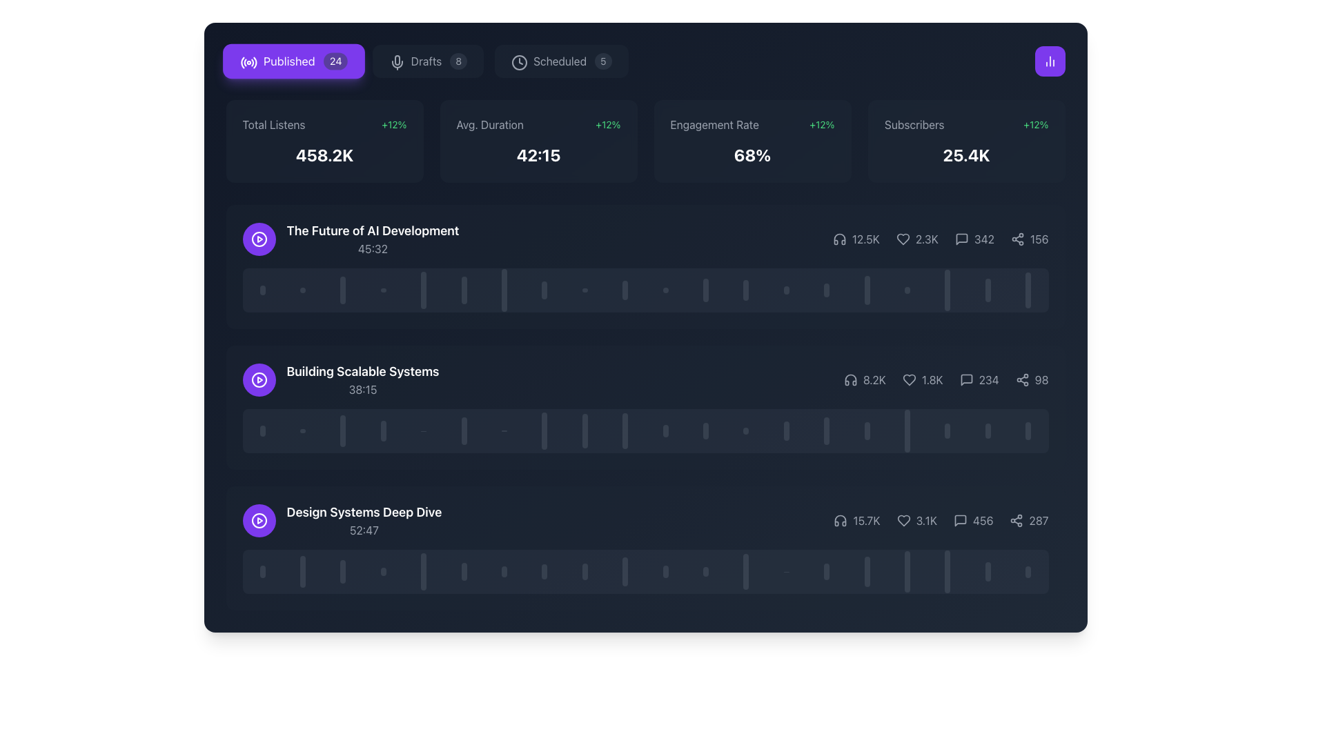  Describe the element at coordinates (427, 60) in the screenshot. I see `the central button in the top section of the interface that navigates to draft-related content` at that location.